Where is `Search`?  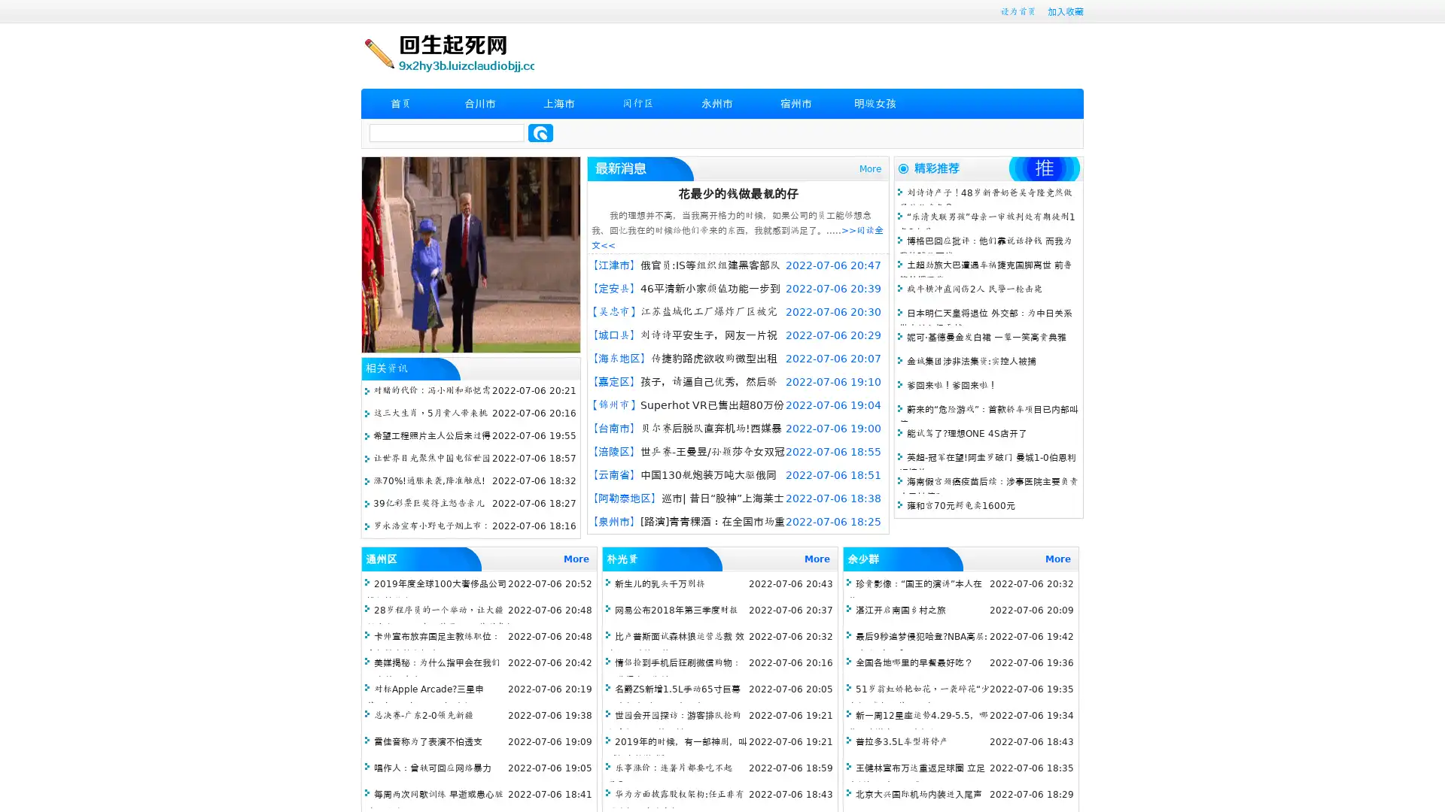
Search is located at coordinates (540, 132).